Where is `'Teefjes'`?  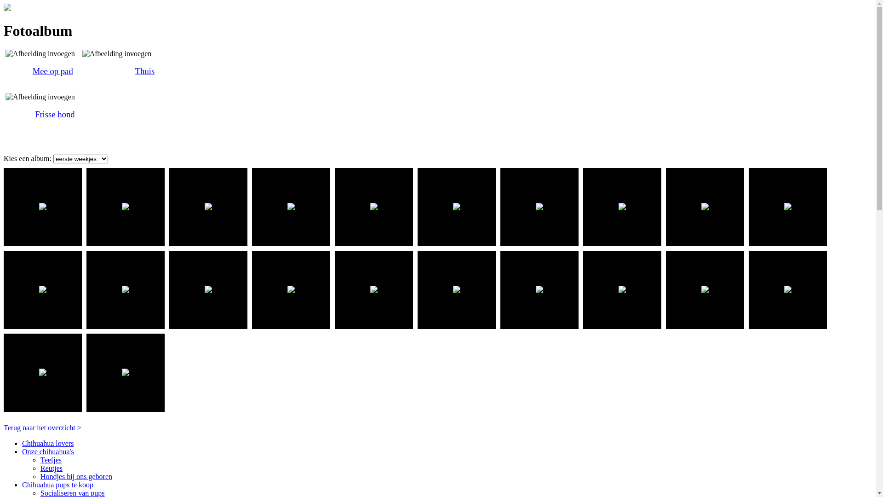
'Teefjes' is located at coordinates (40, 460).